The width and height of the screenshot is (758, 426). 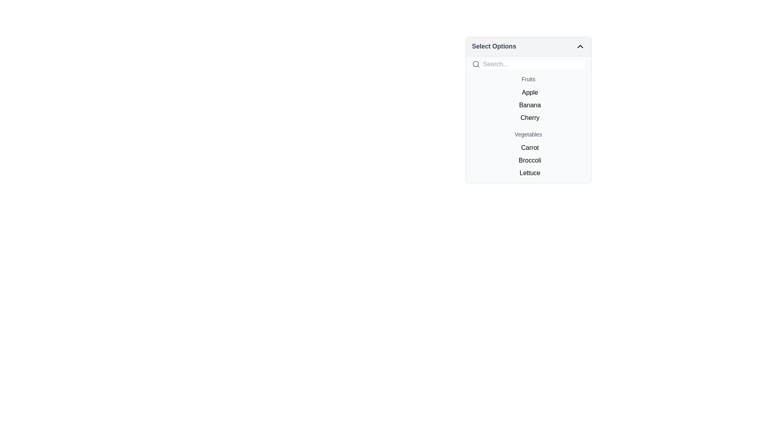 What do you see at coordinates (528, 99) in the screenshot?
I see `the second item in the 'Fruits' category list, located below the 'Fruits' heading, which follows 'Apple' and precedes 'Cherry'` at bounding box center [528, 99].